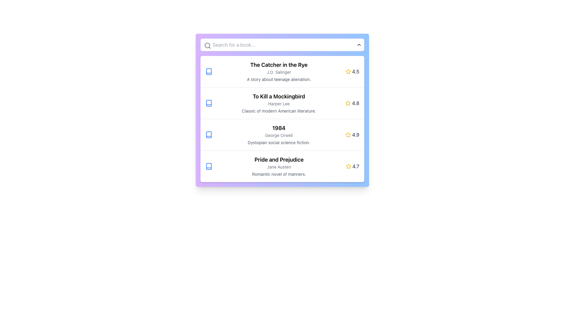 The width and height of the screenshot is (578, 325). I want to click on the text content block displaying details of the book 'The Catcher in the Rye' located below the search bar and adjacent to a blue book icon, so click(278, 71).